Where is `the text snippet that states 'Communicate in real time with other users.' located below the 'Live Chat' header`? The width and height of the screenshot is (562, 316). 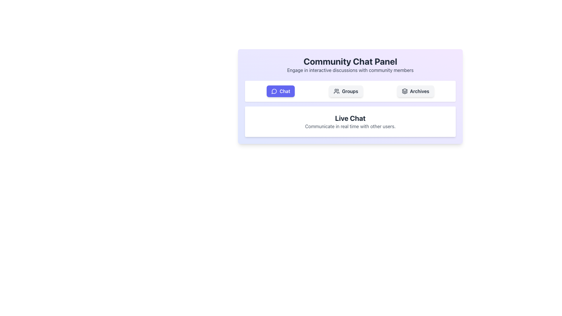
the text snippet that states 'Communicate in real time with other users.' located below the 'Live Chat' header is located at coordinates (350, 126).